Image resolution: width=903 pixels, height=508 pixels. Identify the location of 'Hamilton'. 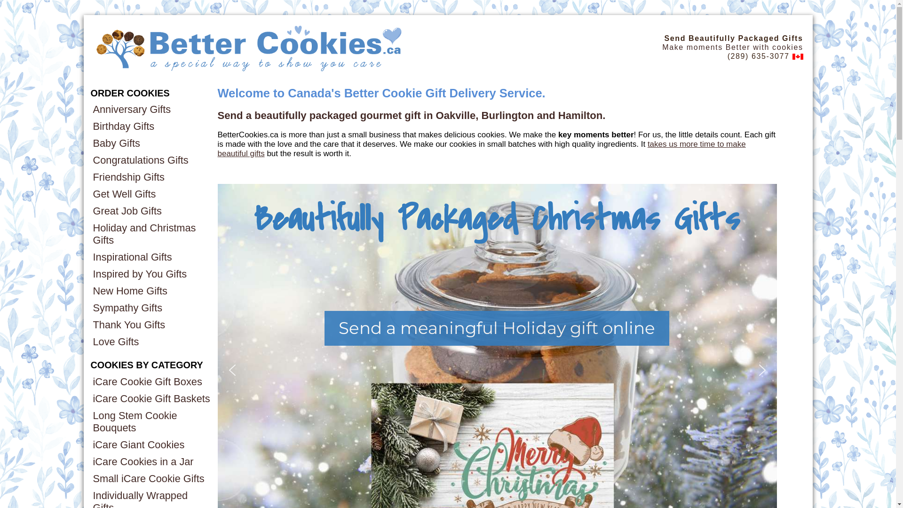
(580, 115).